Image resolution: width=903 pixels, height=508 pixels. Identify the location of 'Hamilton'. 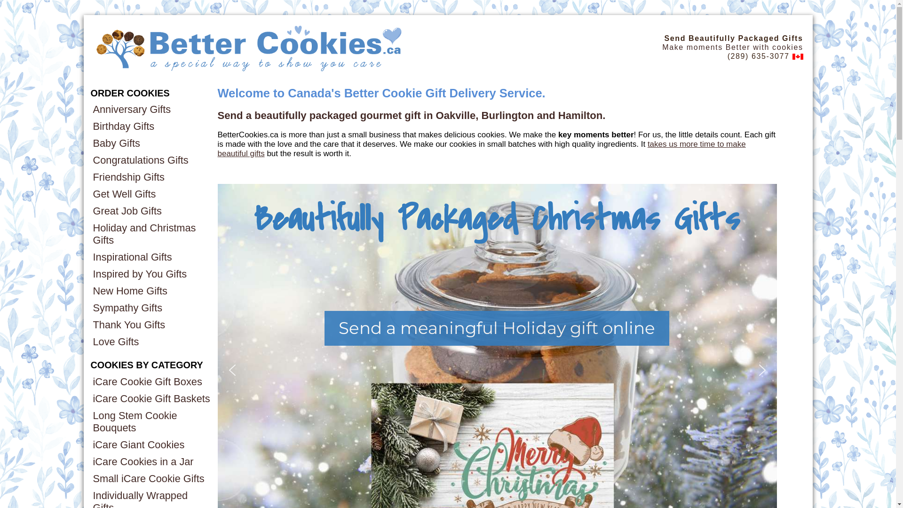
(580, 115).